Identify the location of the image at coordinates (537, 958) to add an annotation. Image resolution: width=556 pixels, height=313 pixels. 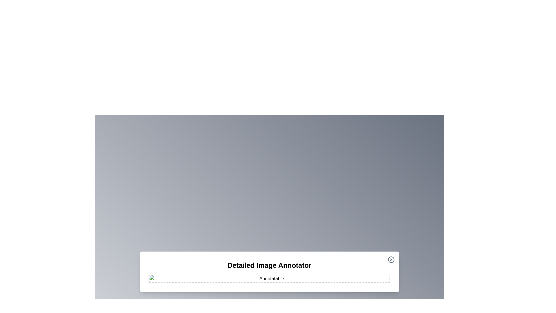
(156, 277).